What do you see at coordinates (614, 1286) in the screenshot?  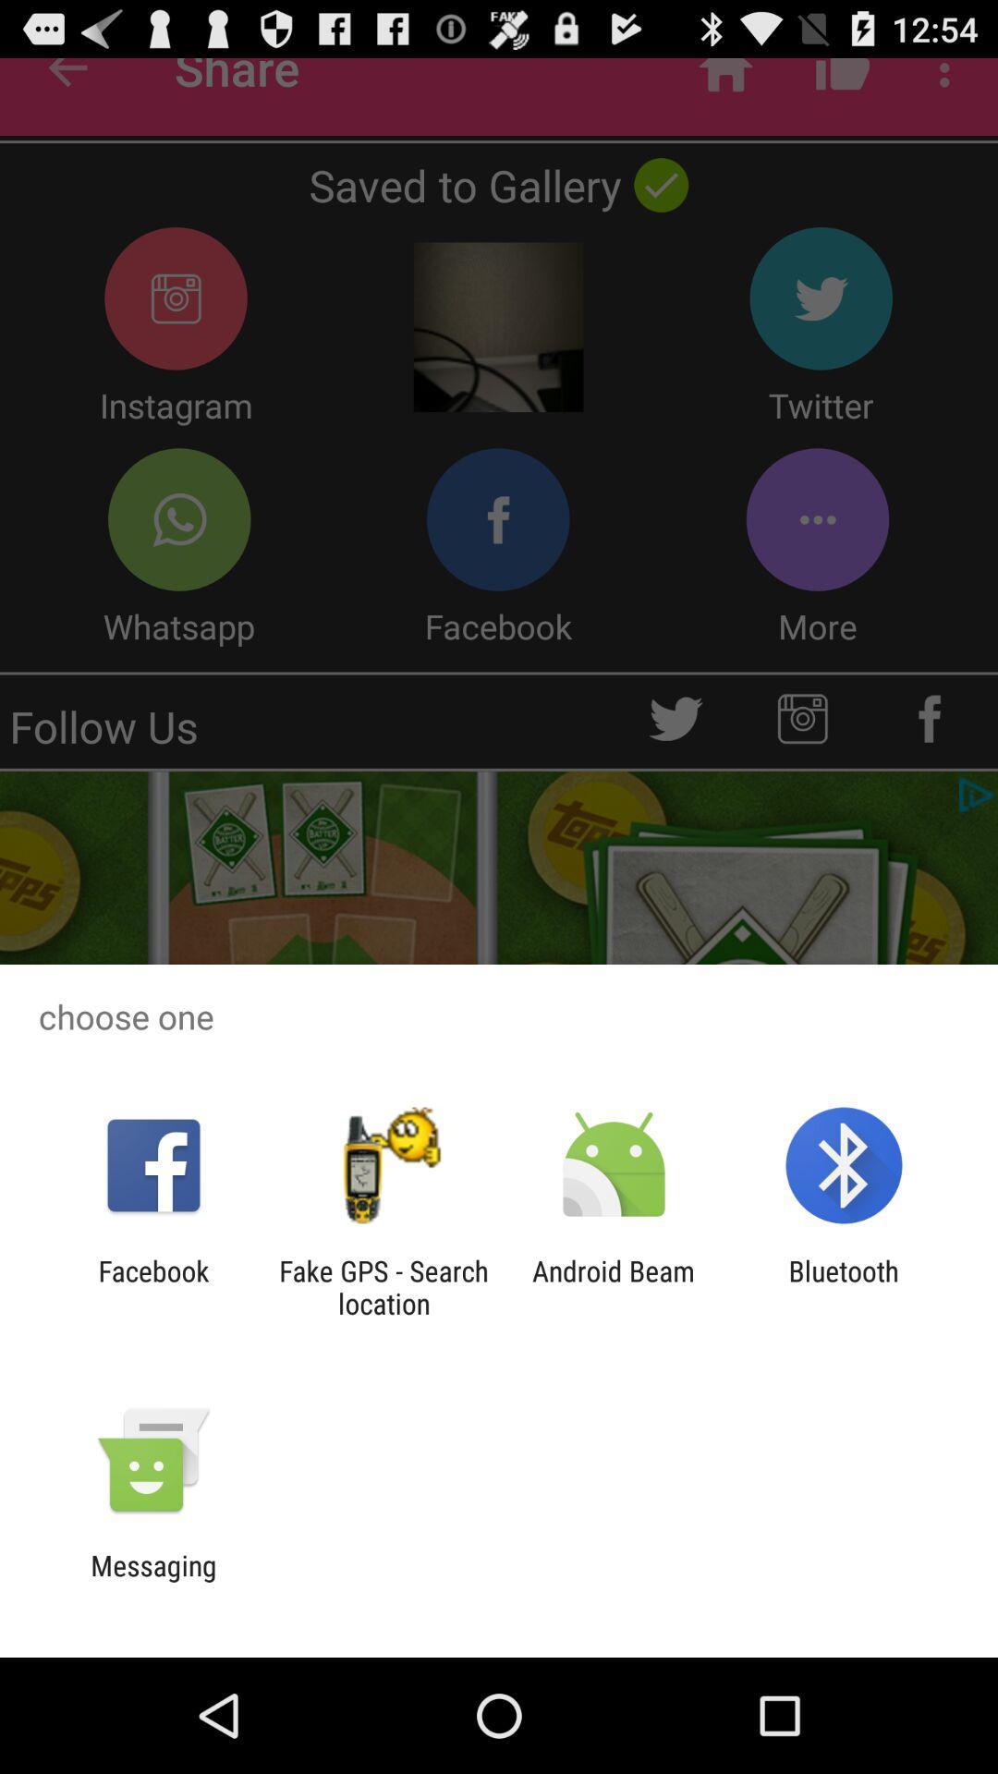 I see `the icon next to the bluetooth icon` at bounding box center [614, 1286].